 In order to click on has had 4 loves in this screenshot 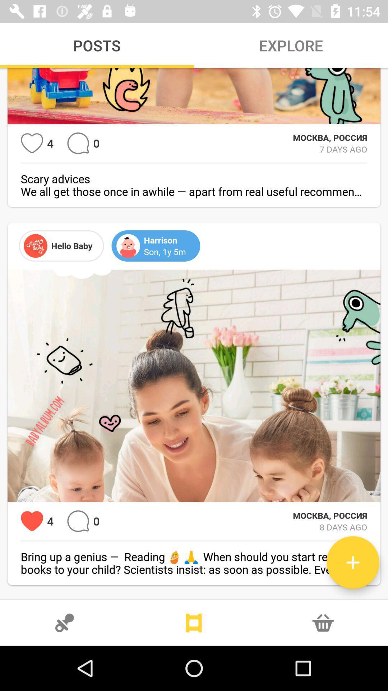, I will do `click(32, 521)`.